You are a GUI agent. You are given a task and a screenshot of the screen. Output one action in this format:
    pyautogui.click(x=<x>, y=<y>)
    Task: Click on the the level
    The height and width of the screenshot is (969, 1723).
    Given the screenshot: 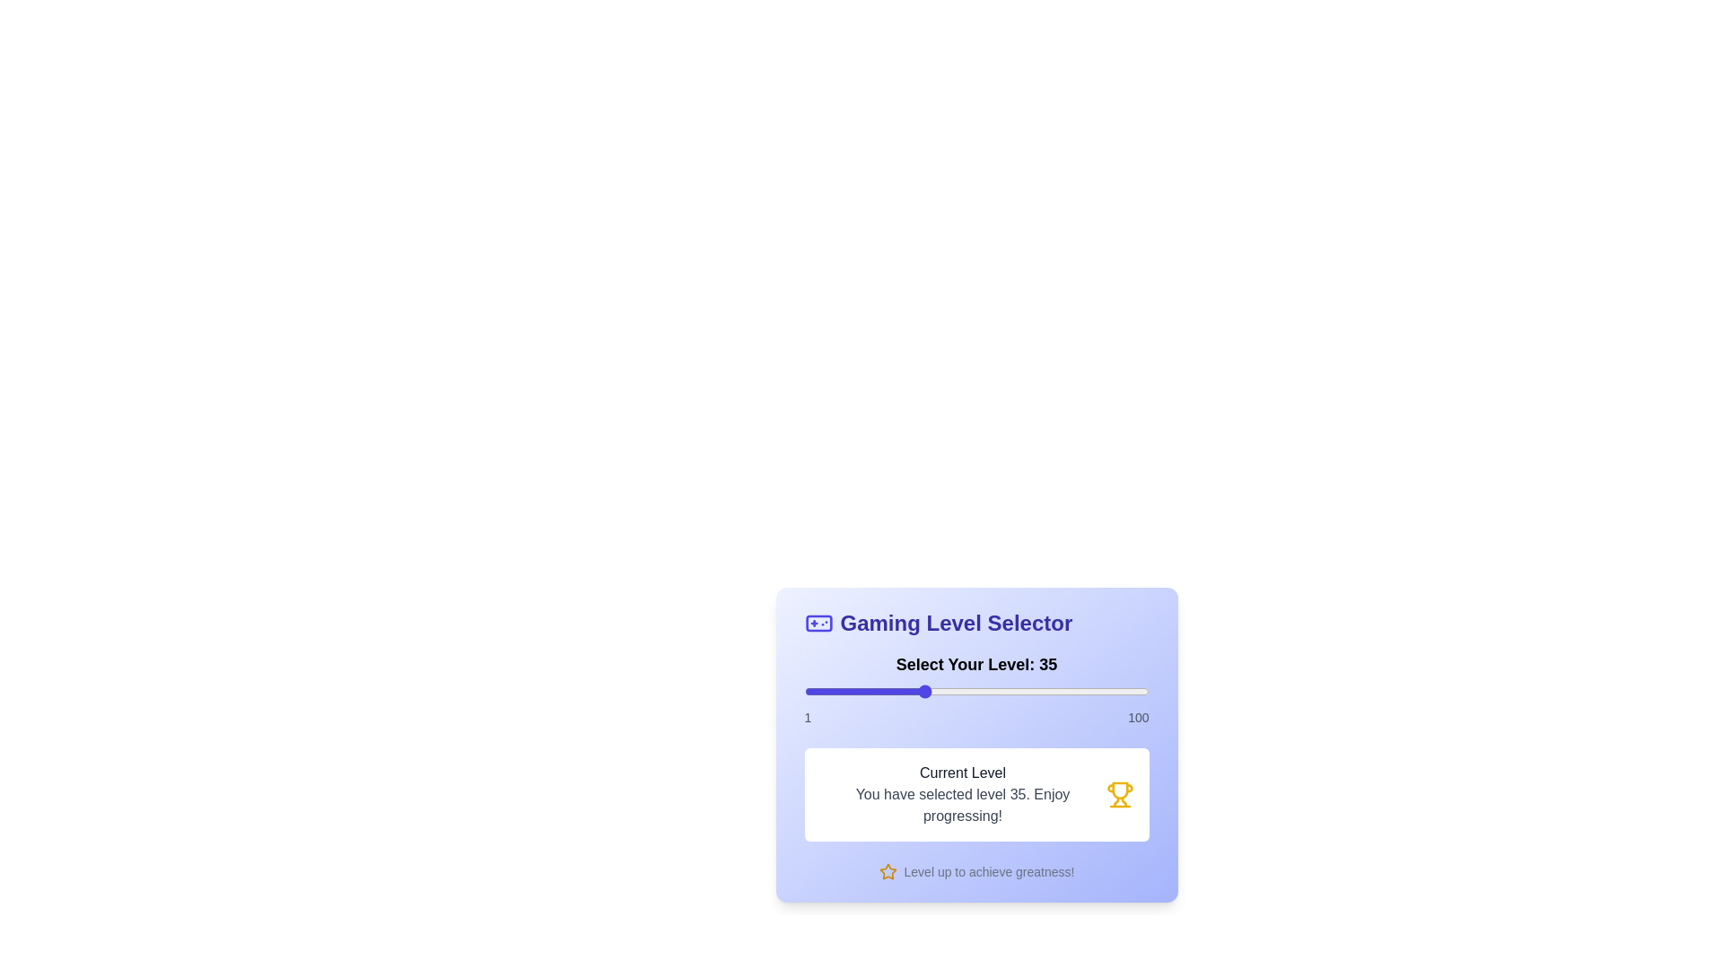 What is the action you would take?
    pyautogui.click(x=970, y=691)
    